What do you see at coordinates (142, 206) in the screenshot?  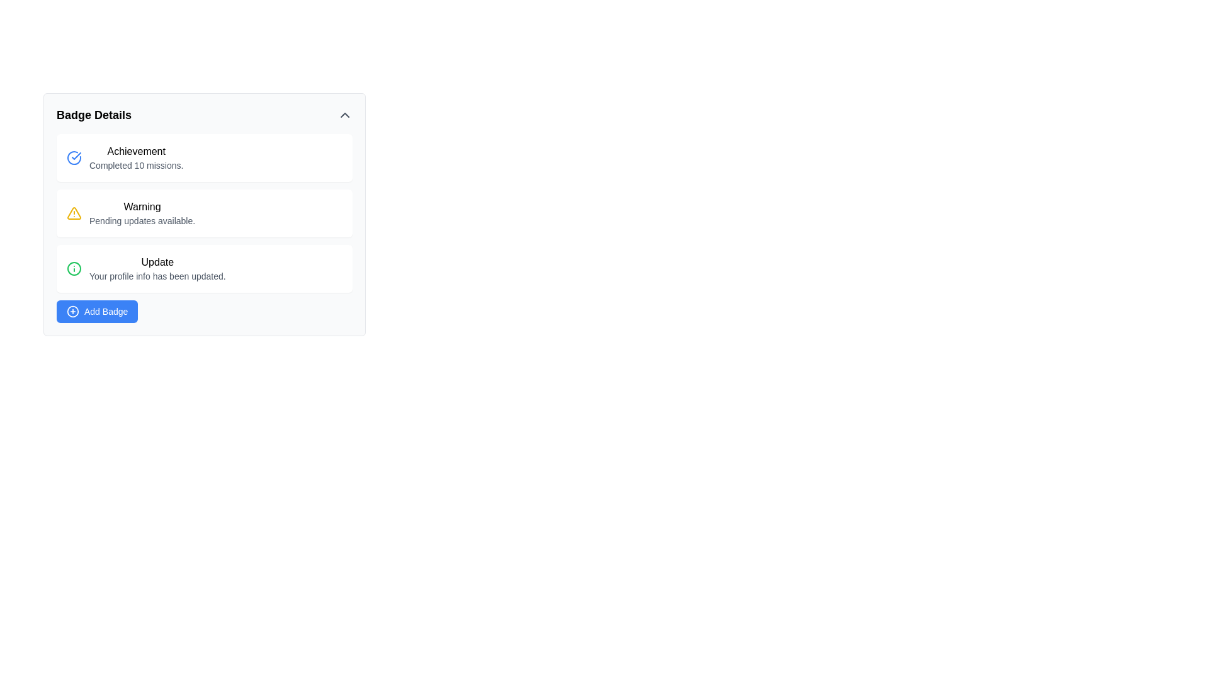 I see `the Text Label that indicates the alert's type or context, which is located in the second section of a vertically stacked list, next to a warning icon and above the smaller text 'Pending updates available.'` at bounding box center [142, 206].